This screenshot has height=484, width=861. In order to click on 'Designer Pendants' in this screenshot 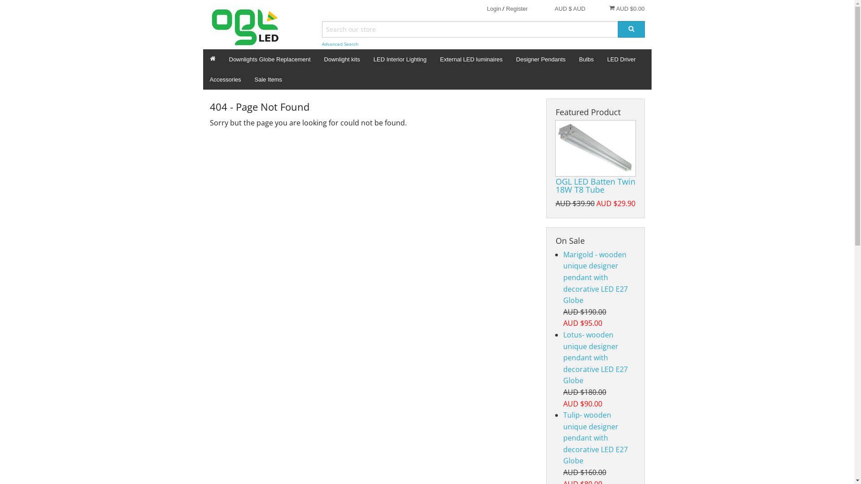, I will do `click(540, 59)`.